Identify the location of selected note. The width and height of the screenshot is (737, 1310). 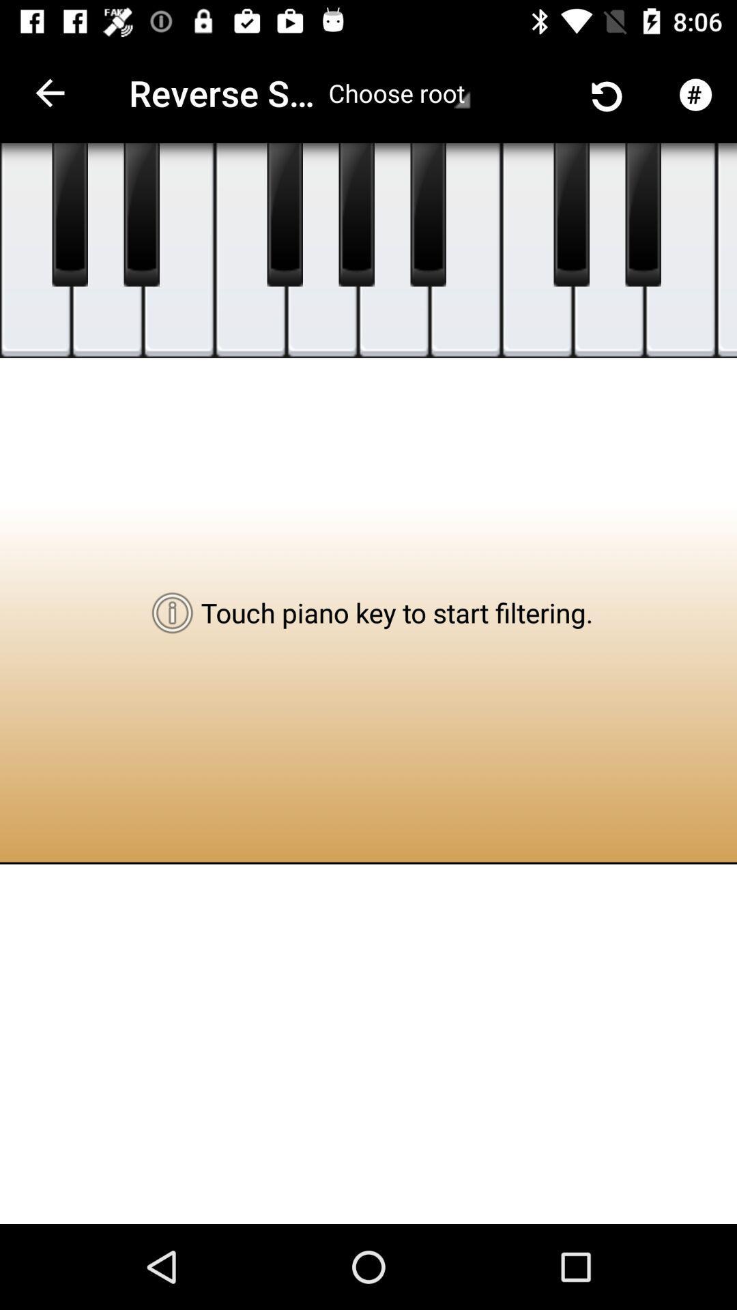
(536, 250).